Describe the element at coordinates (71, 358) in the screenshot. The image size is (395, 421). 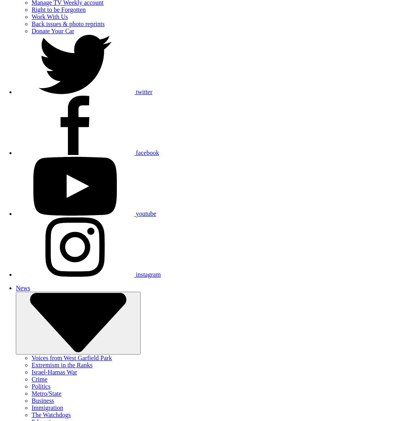
I see `'Voices from West Garfield Park'` at that location.